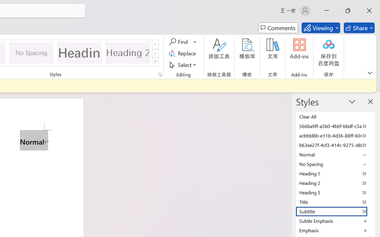  Describe the element at coordinates (127, 52) in the screenshot. I see `'Heading 2'` at that location.